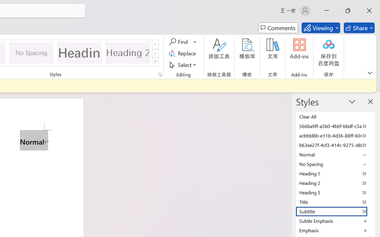  Describe the element at coordinates (127, 52) in the screenshot. I see `'Heading 2'` at that location.